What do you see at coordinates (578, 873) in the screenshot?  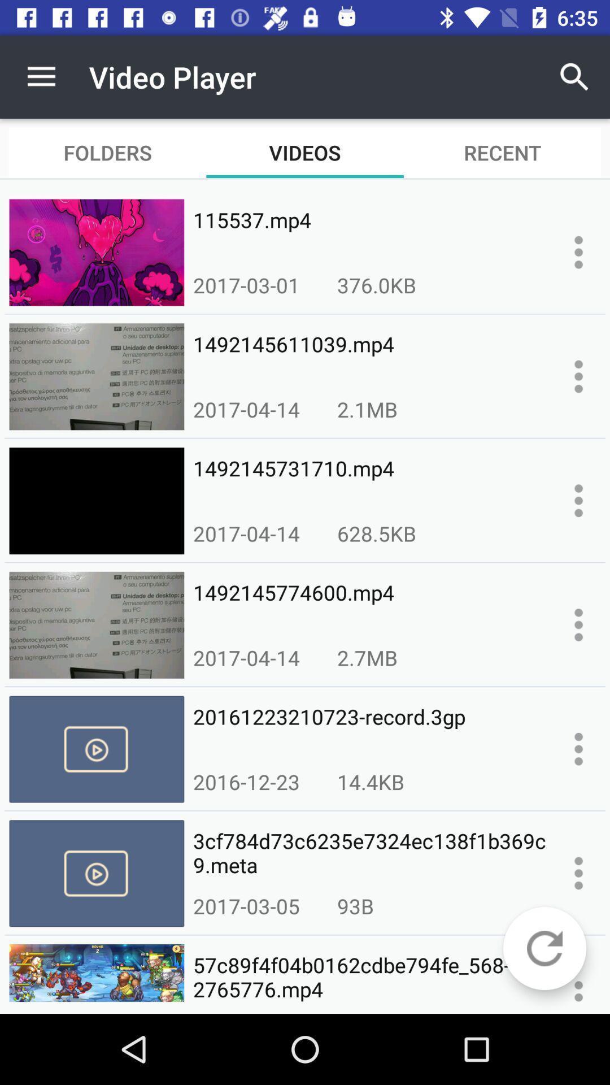 I see `more options for selected video` at bounding box center [578, 873].